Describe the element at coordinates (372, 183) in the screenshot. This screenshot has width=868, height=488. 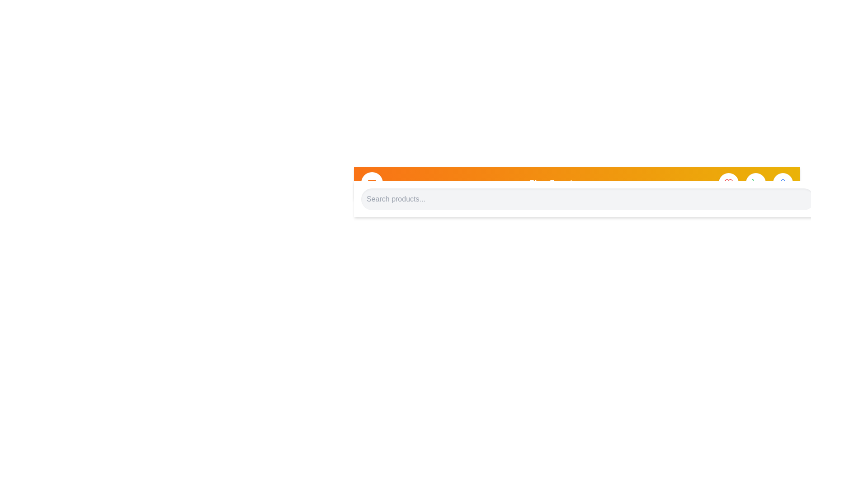
I see `the menu toggle button to toggle the menu visibility` at that location.